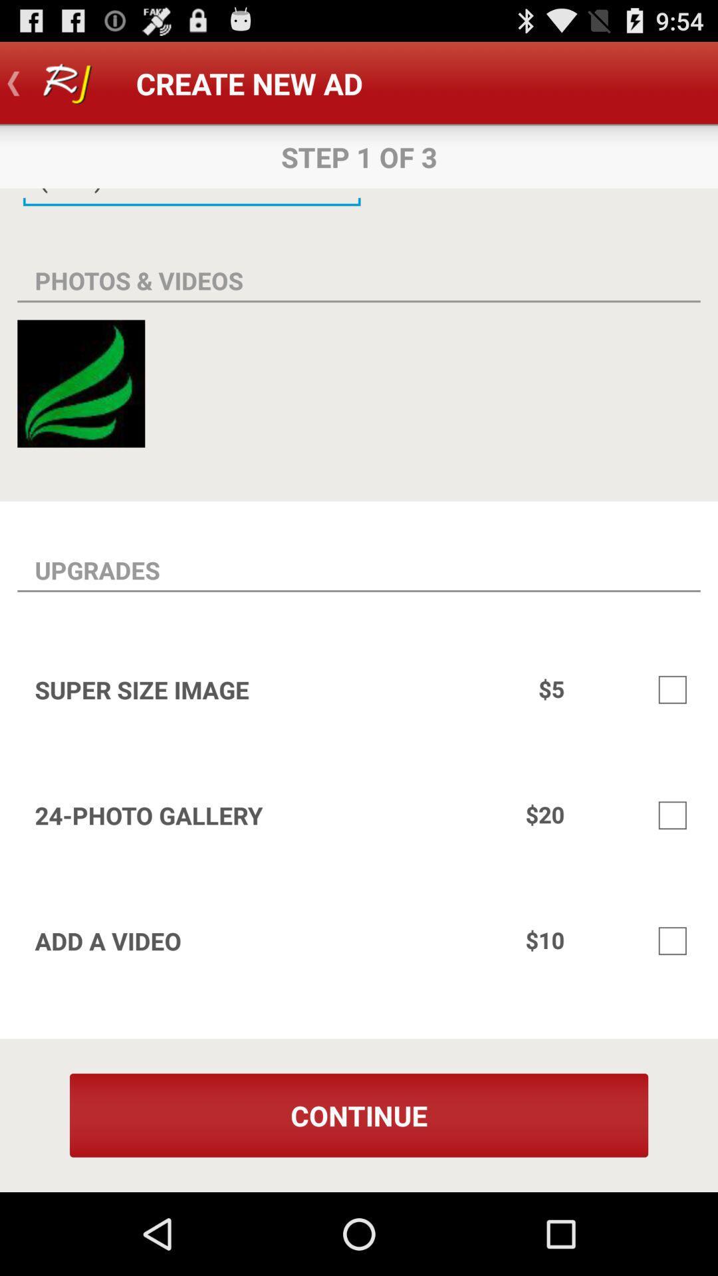 Image resolution: width=718 pixels, height=1276 pixels. Describe the element at coordinates (672, 815) in the screenshot. I see `choose 24-photo gallery option` at that location.